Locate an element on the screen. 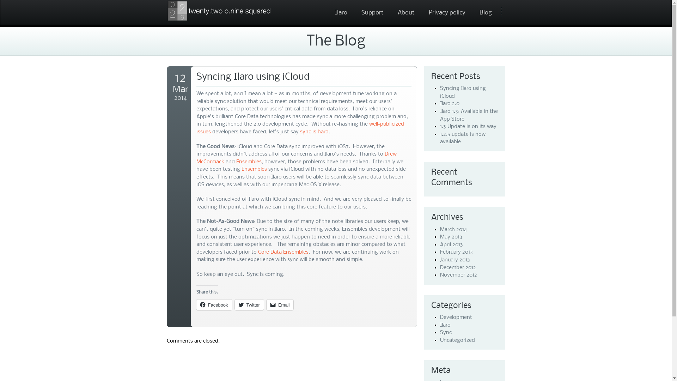 This screenshot has width=677, height=381. 'sync is hard' is located at coordinates (313, 132).